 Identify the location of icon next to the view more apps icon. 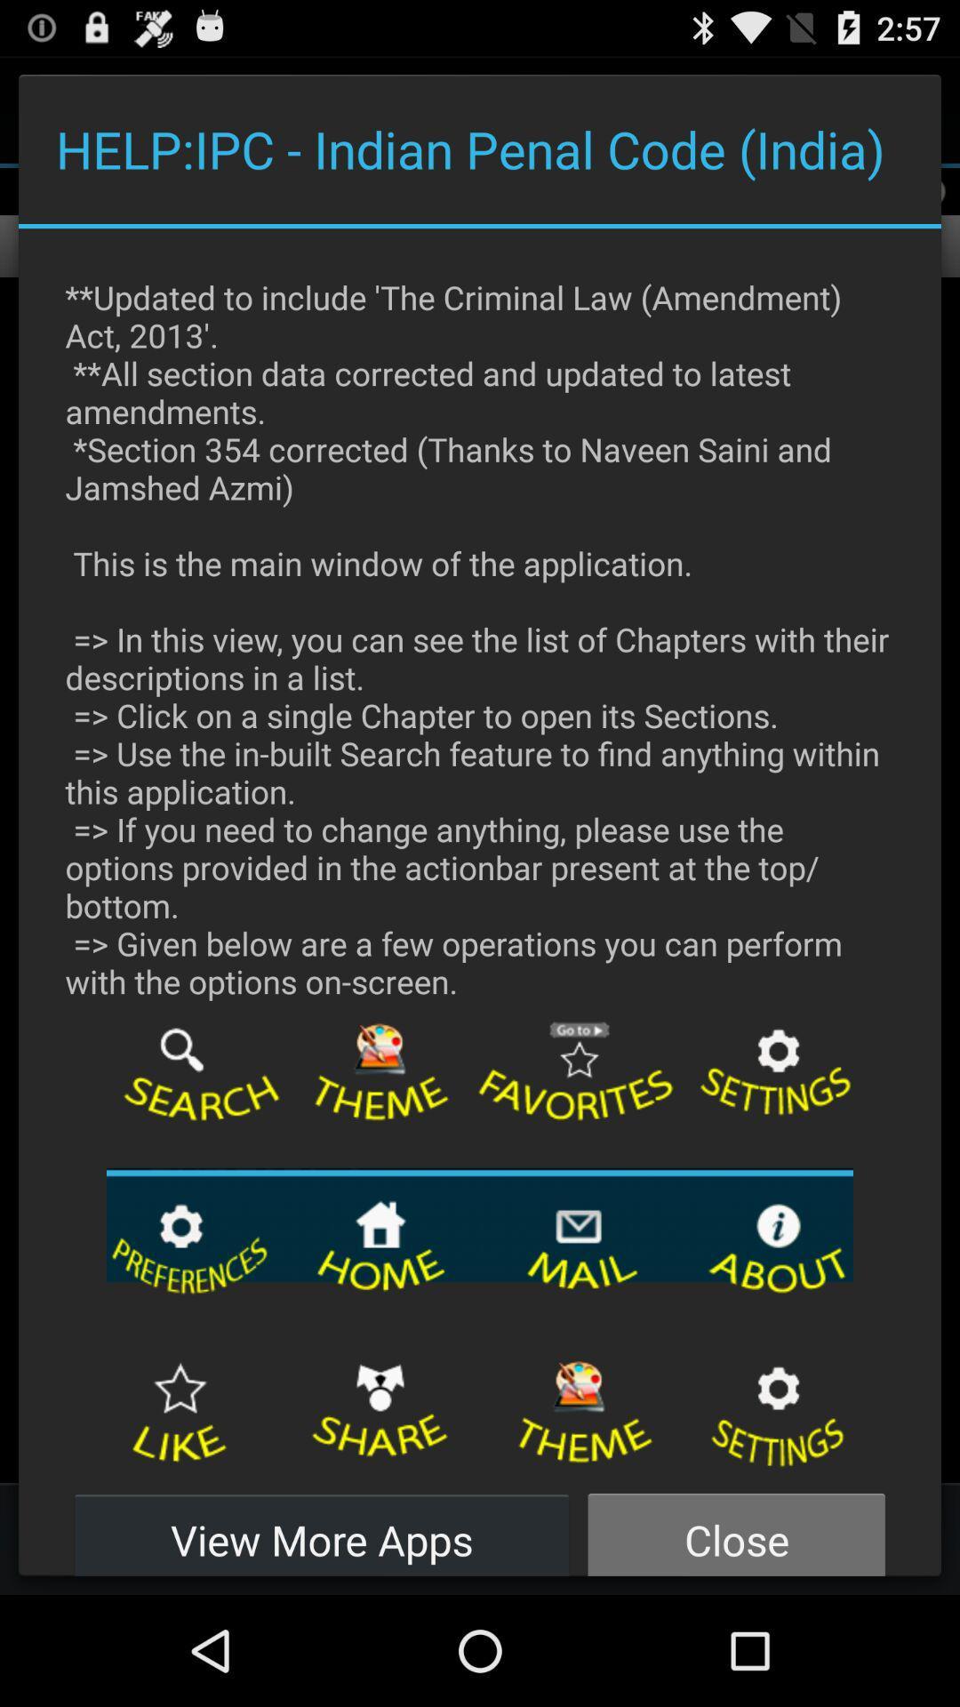
(736, 1529).